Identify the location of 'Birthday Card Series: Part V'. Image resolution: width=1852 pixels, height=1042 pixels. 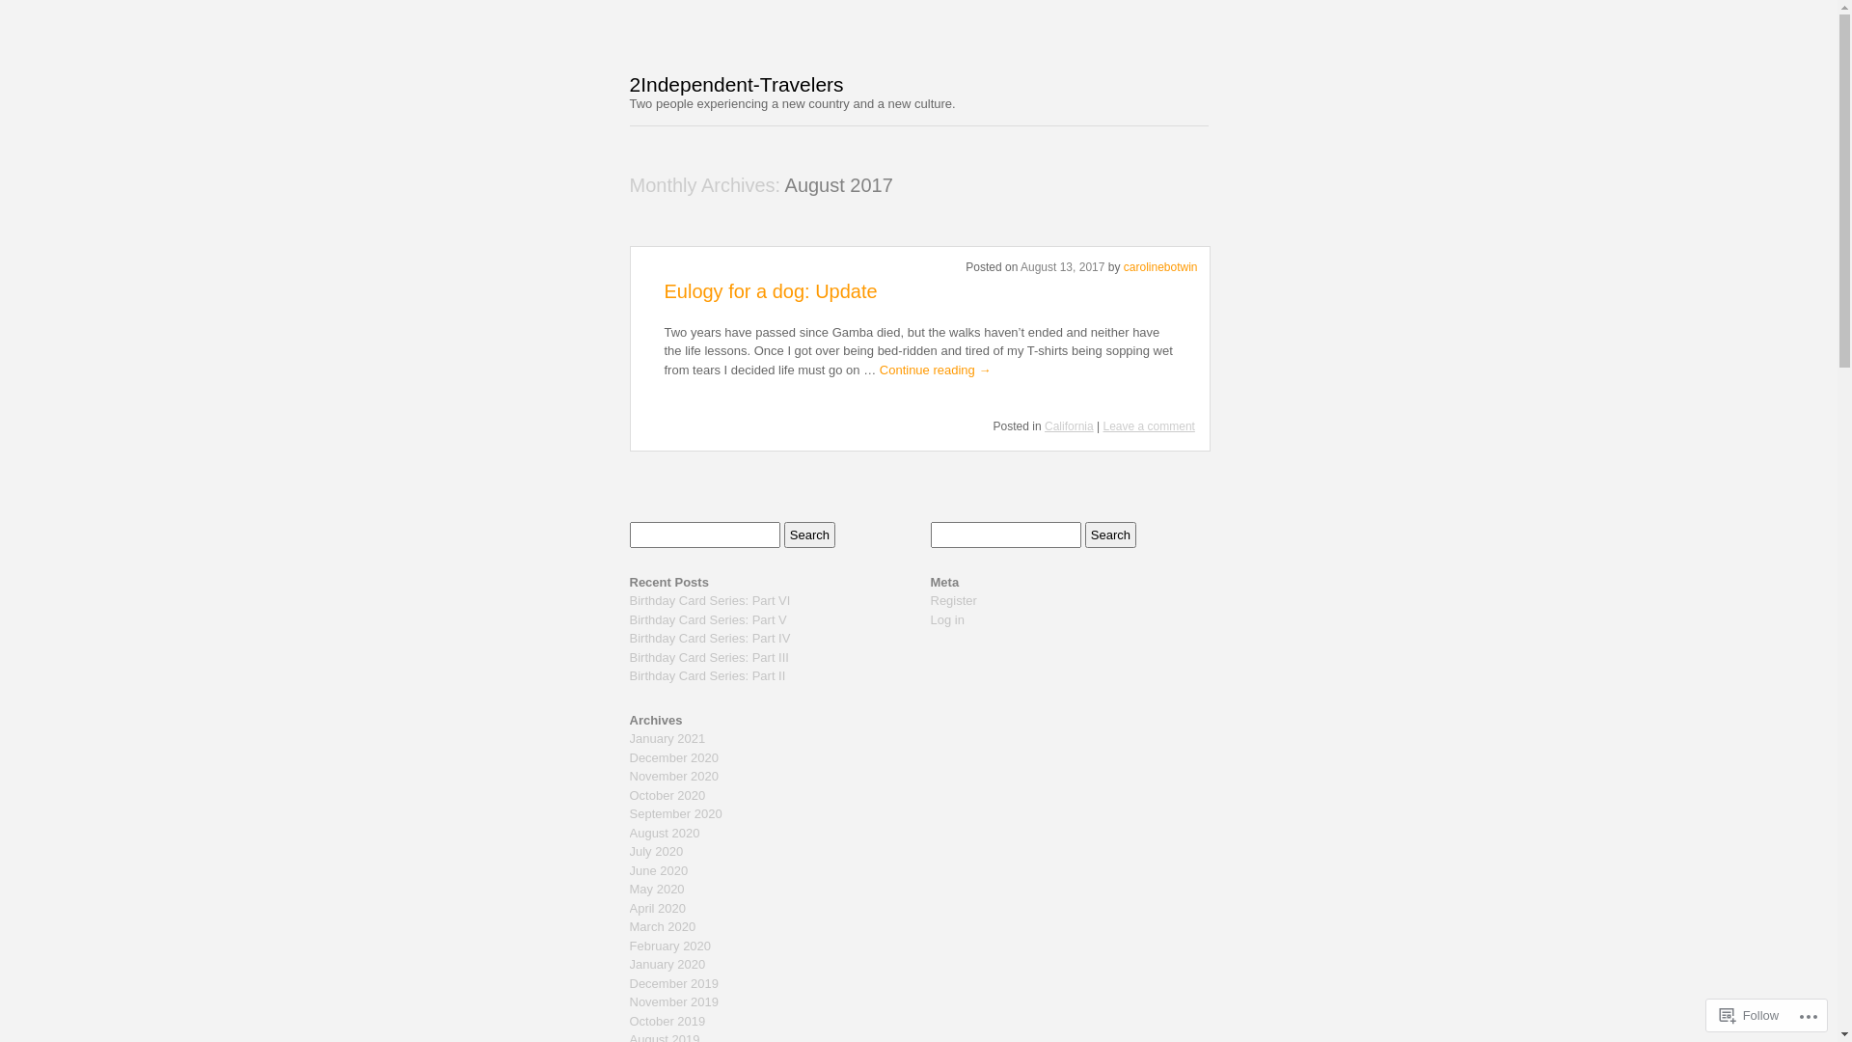
(706, 619).